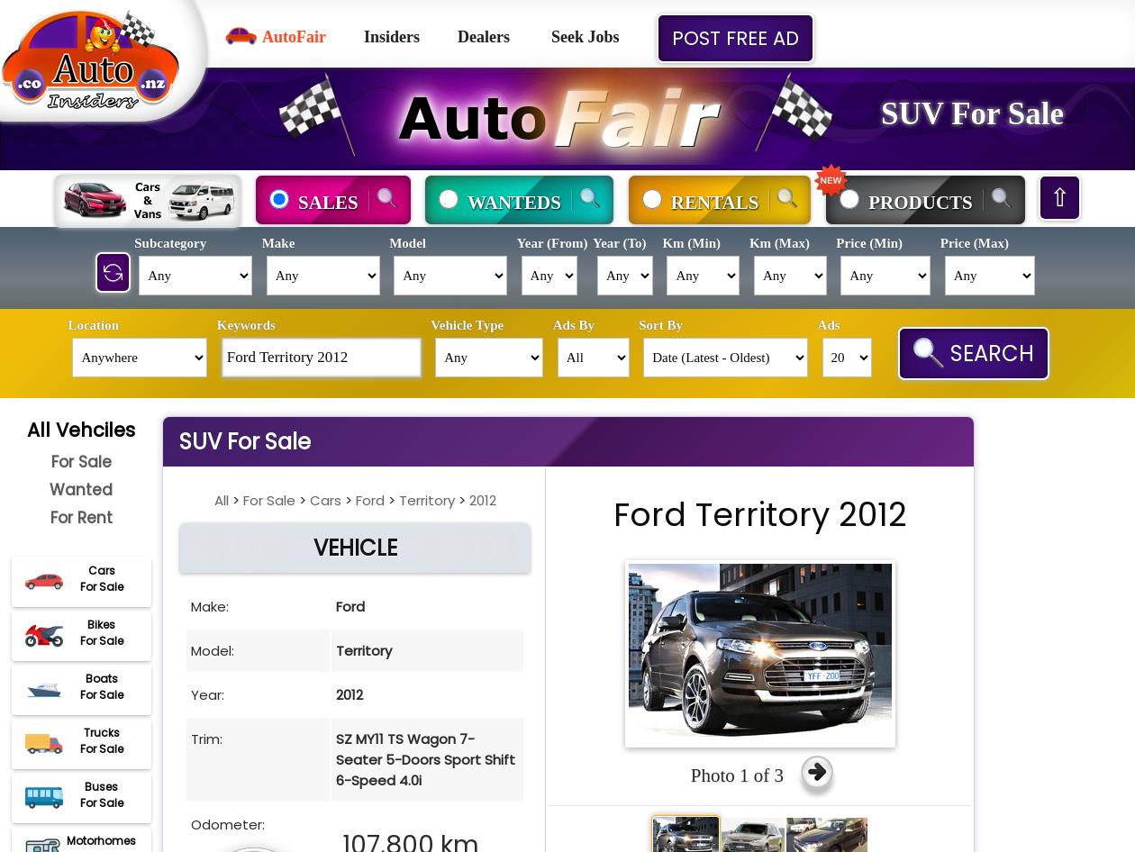 This screenshot has width=1135, height=852. What do you see at coordinates (354, 547) in the screenshot?
I see `'VEHICLE'` at bounding box center [354, 547].